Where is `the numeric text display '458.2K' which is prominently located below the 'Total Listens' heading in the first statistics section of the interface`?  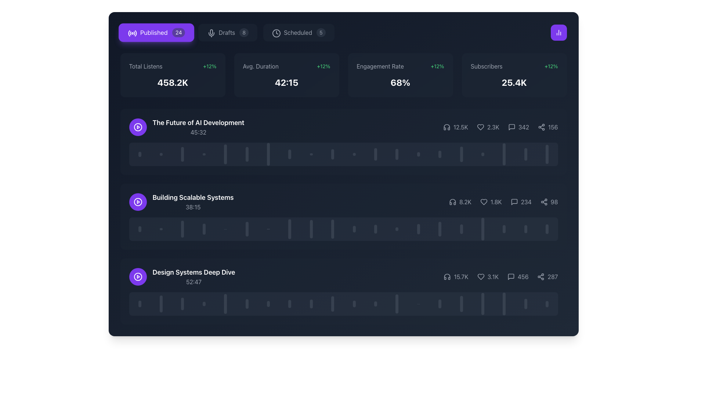 the numeric text display '458.2K' which is prominently located below the 'Total Listens' heading in the first statistics section of the interface is located at coordinates (172, 82).